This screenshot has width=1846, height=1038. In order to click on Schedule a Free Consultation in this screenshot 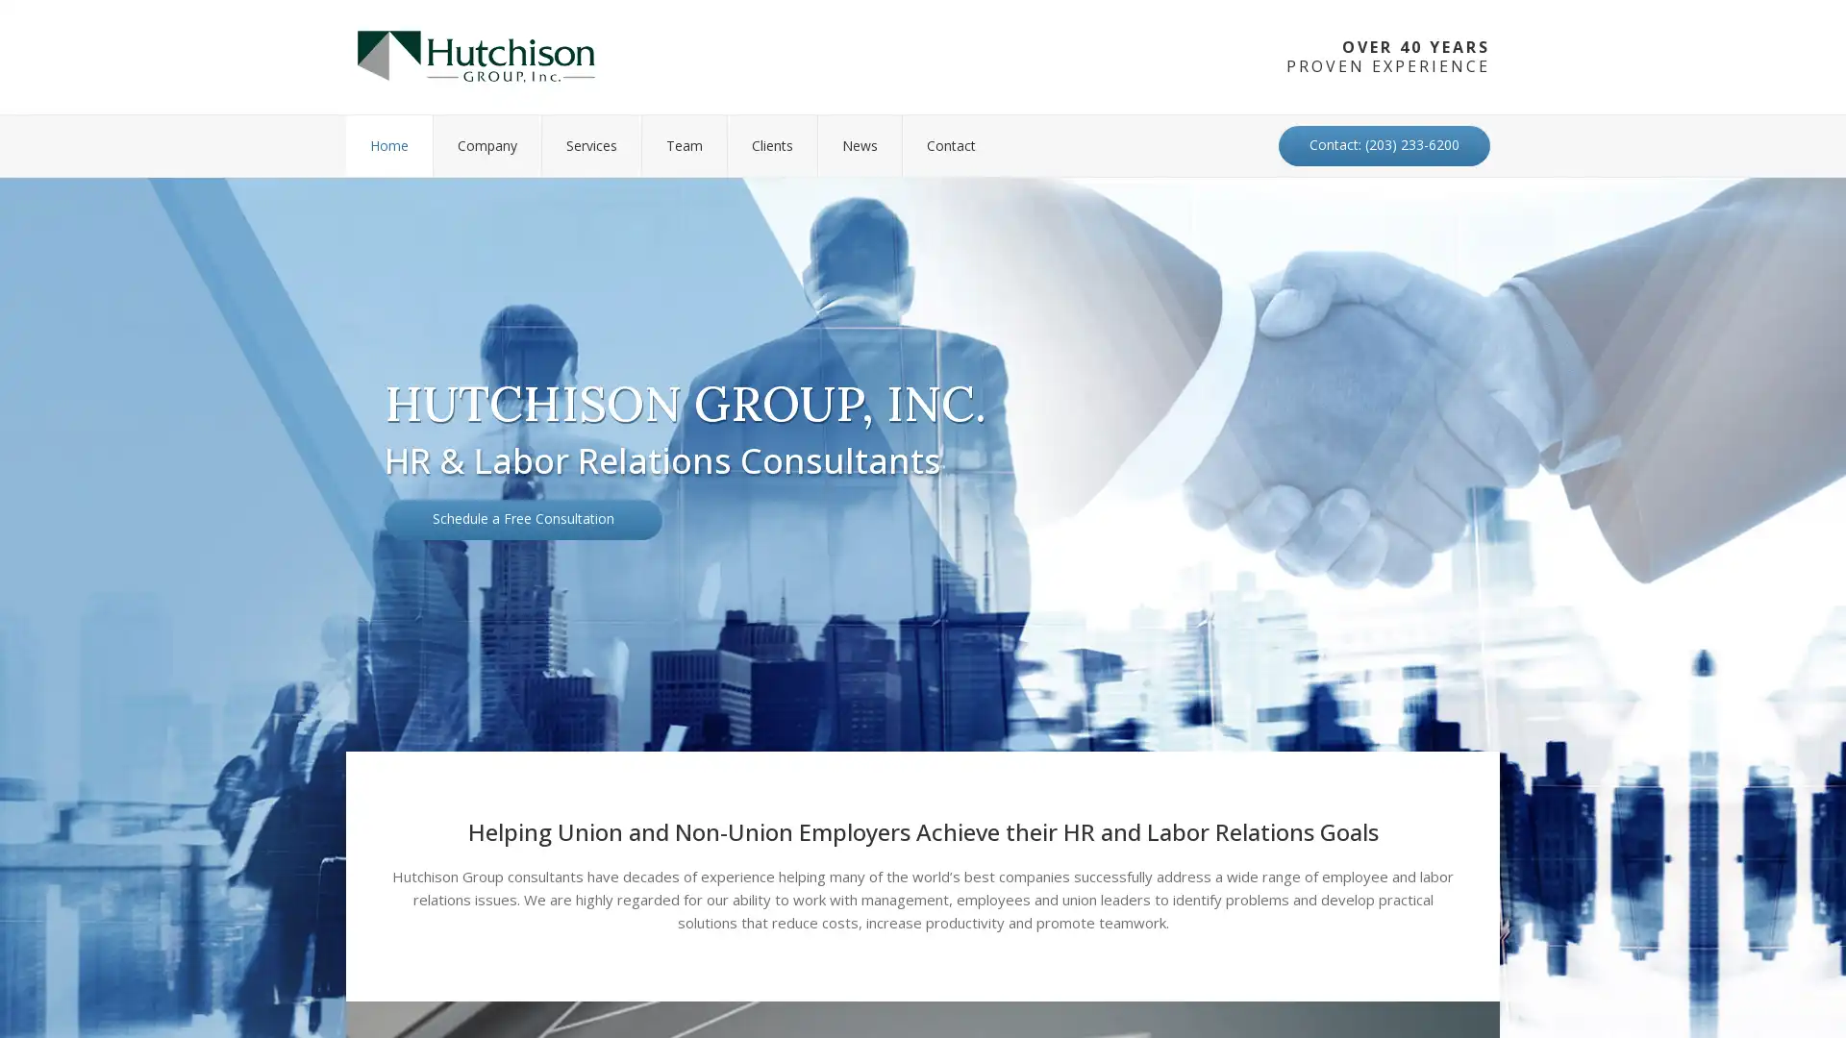, I will do `click(523, 519)`.